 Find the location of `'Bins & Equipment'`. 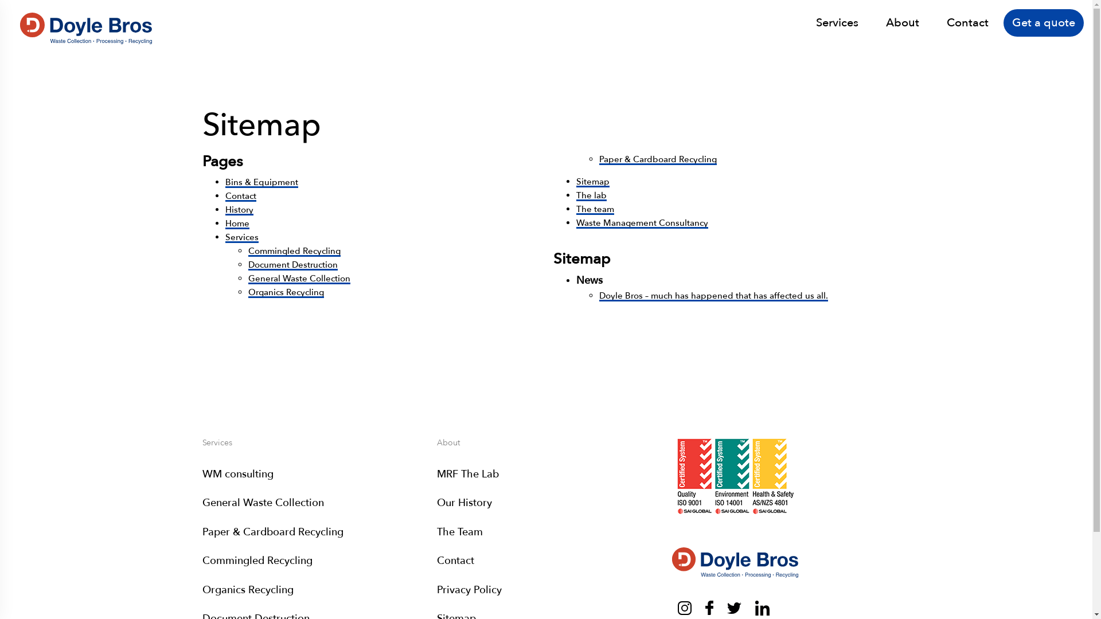

'Bins & Equipment' is located at coordinates (260, 181).